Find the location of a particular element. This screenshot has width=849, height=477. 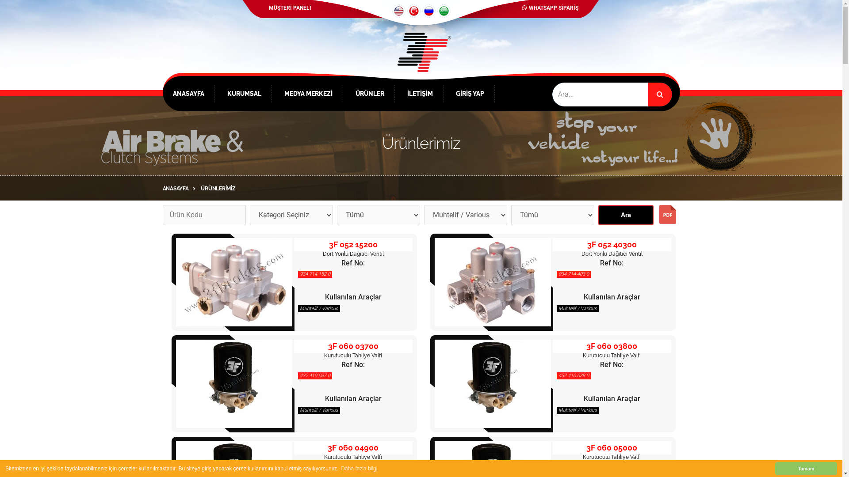

'TR' is located at coordinates (406, 11).